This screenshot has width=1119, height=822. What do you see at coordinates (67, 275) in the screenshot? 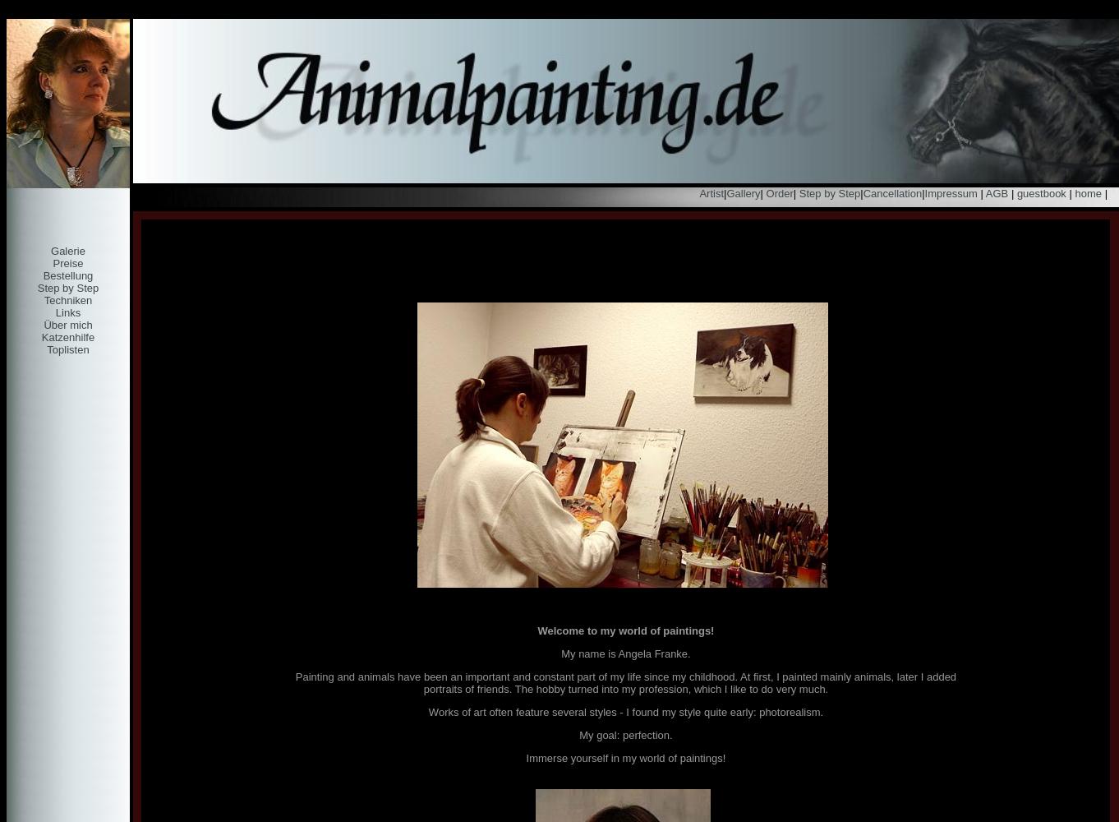
I see `'Bestellung'` at bounding box center [67, 275].